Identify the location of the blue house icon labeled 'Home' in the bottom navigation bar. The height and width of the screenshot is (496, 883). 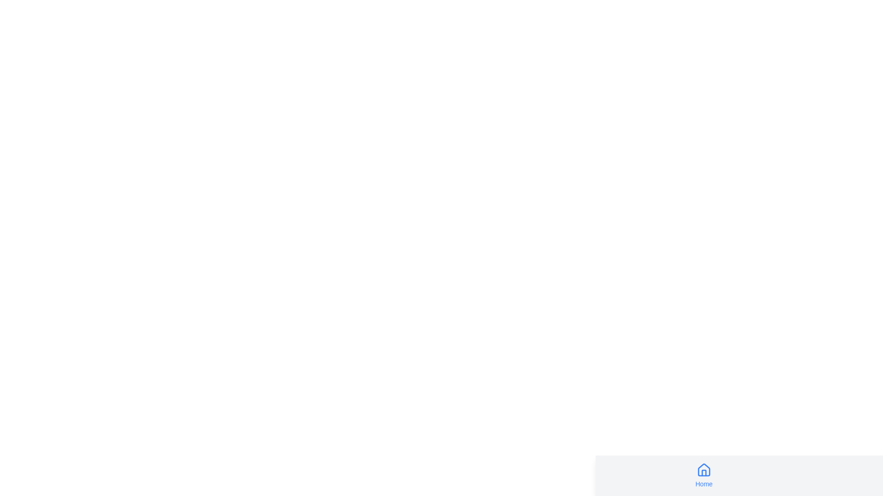
(703, 475).